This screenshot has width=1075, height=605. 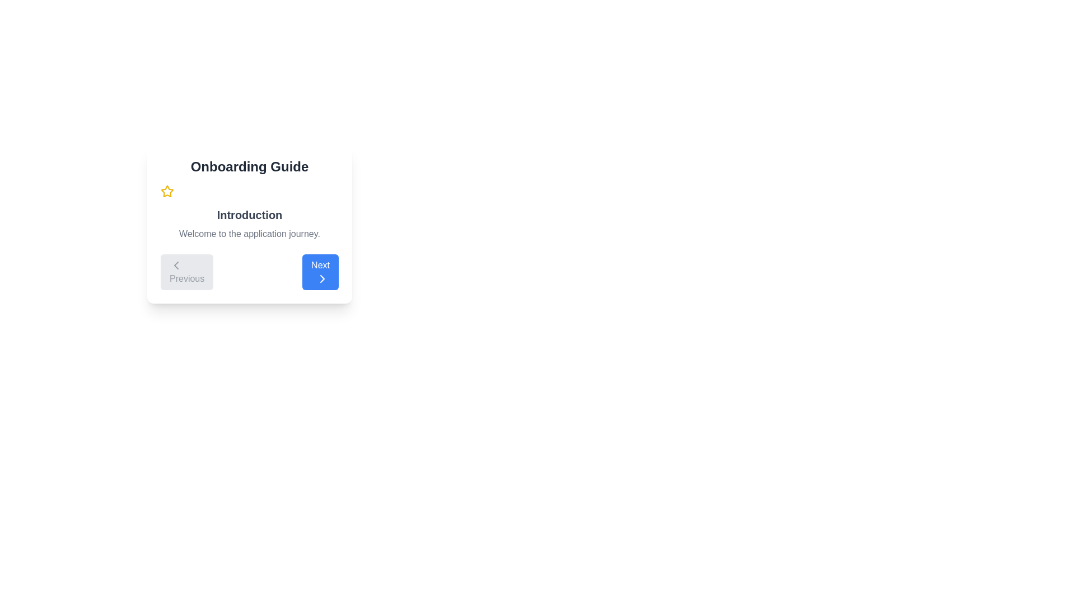 What do you see at coordinates (249, 224) in the screenshot?
I see `the introductory message text display located below the 'Onboarding Guide' header and above the navigation controls in the white card` at bounding box center [249, 224].